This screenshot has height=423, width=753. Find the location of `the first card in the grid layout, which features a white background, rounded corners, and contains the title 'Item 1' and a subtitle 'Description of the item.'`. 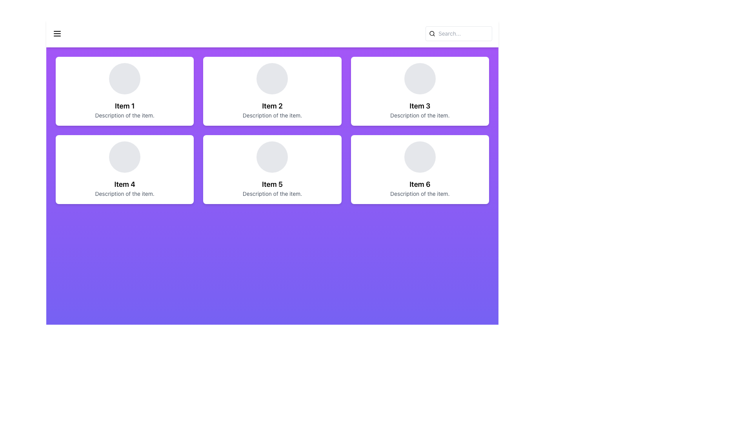

the first card in the grid layout, which features a white background, rounded corners, and contains the title 'Item 1' and a subtitle 'Description of the item.' is located at coordinates (124, 90).